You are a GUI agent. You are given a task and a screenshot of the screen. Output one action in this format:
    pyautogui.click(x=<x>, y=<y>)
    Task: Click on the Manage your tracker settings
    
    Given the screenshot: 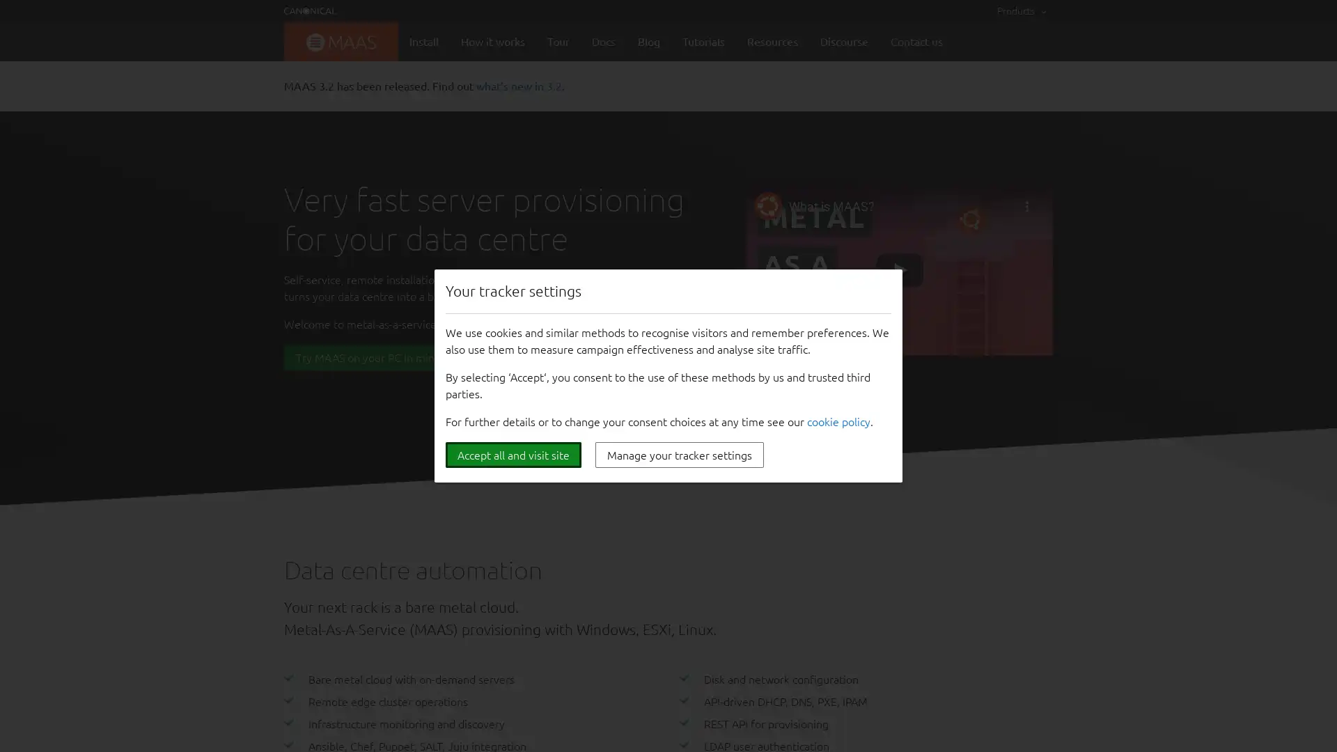 What is the action you would take?
    pyautogui.click(x=679, y=455)
    